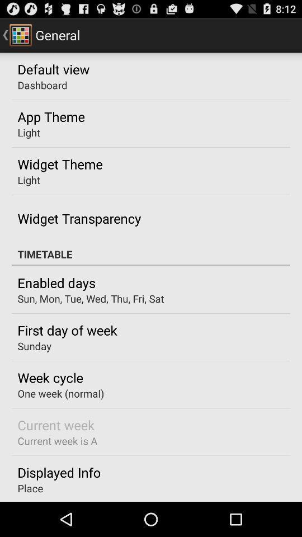 The width and height of the screenshot is (302, 537). Describe the element at coordinates (50, 378) in the screenshot. I see `app above one week (normal)` at that location.